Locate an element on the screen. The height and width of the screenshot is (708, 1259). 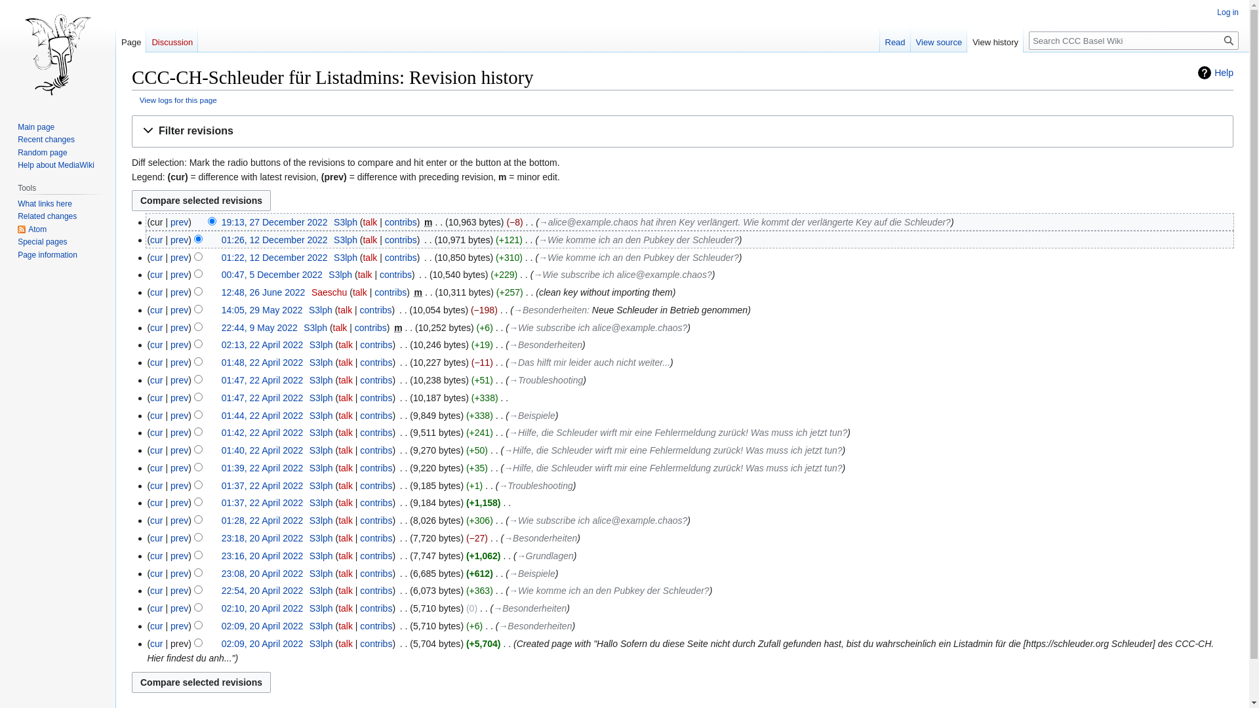
'Search' is located at coordinates (1228, 39).